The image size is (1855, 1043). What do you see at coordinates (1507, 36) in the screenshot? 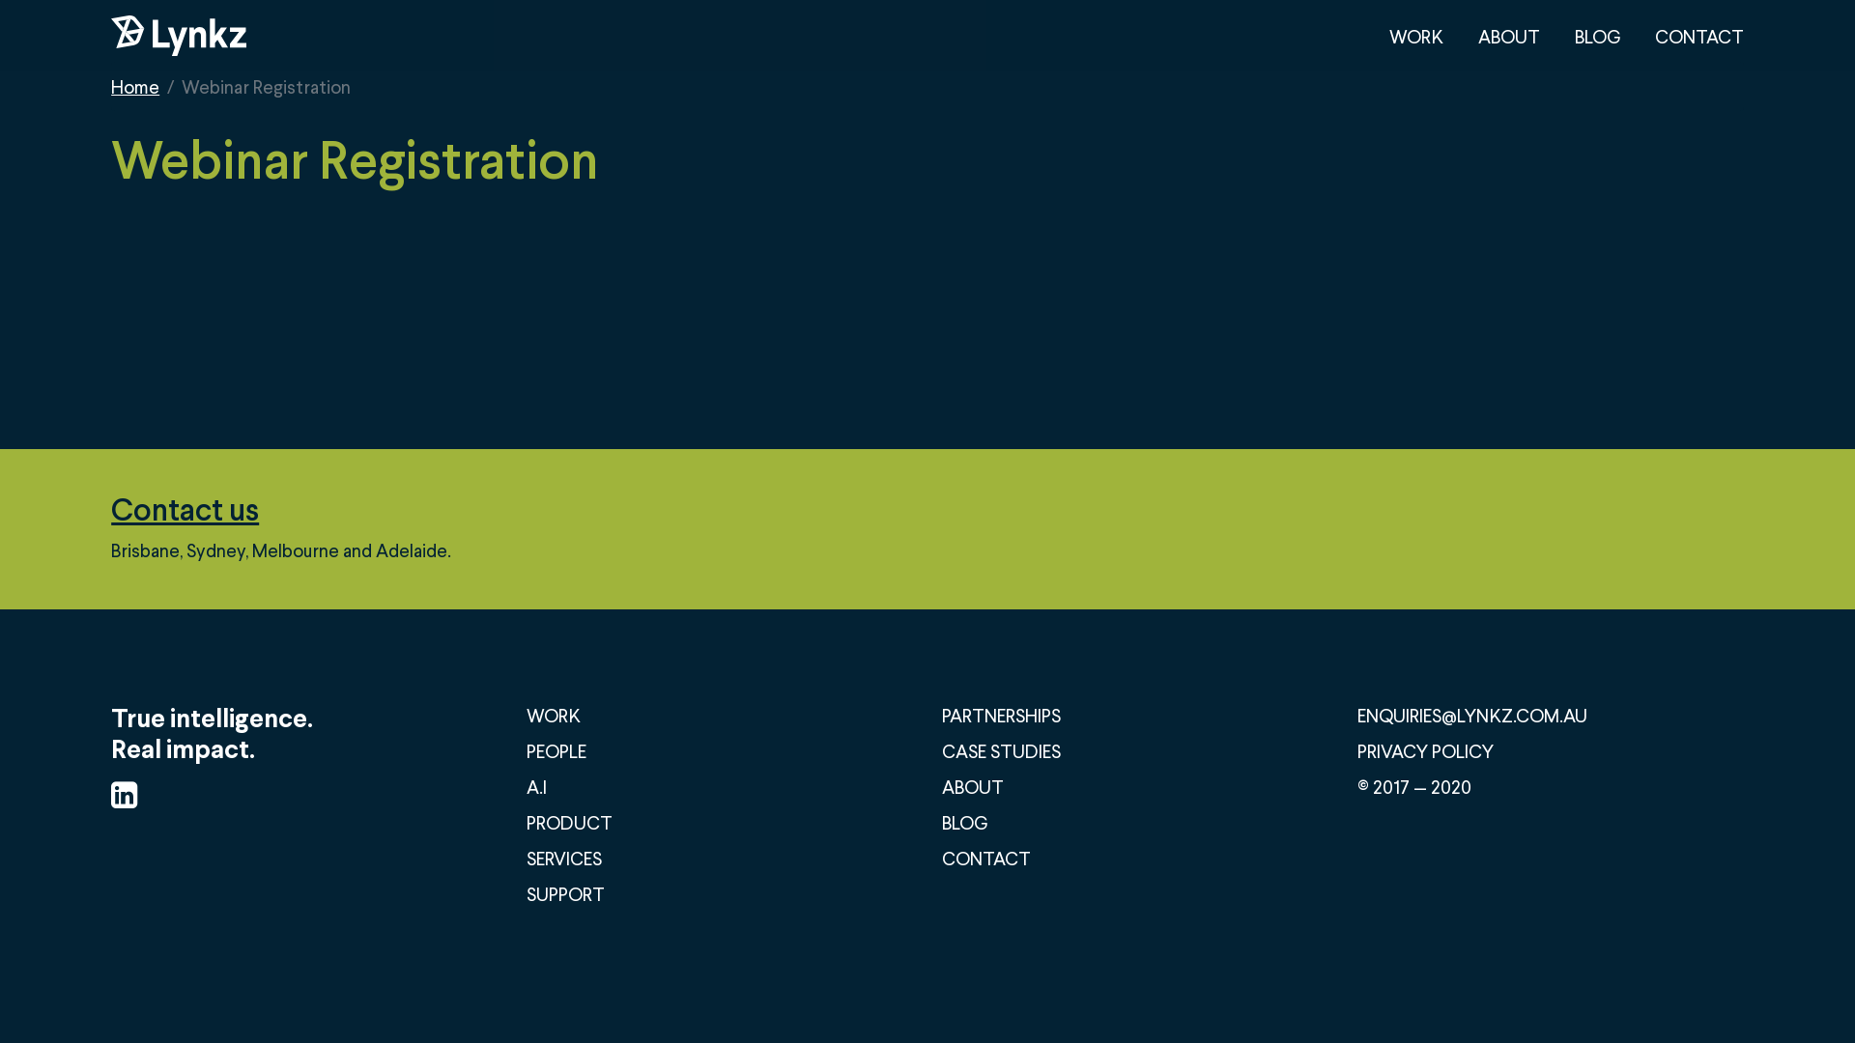
I see `'ABOUT'` at bounding box center [1507, 36].